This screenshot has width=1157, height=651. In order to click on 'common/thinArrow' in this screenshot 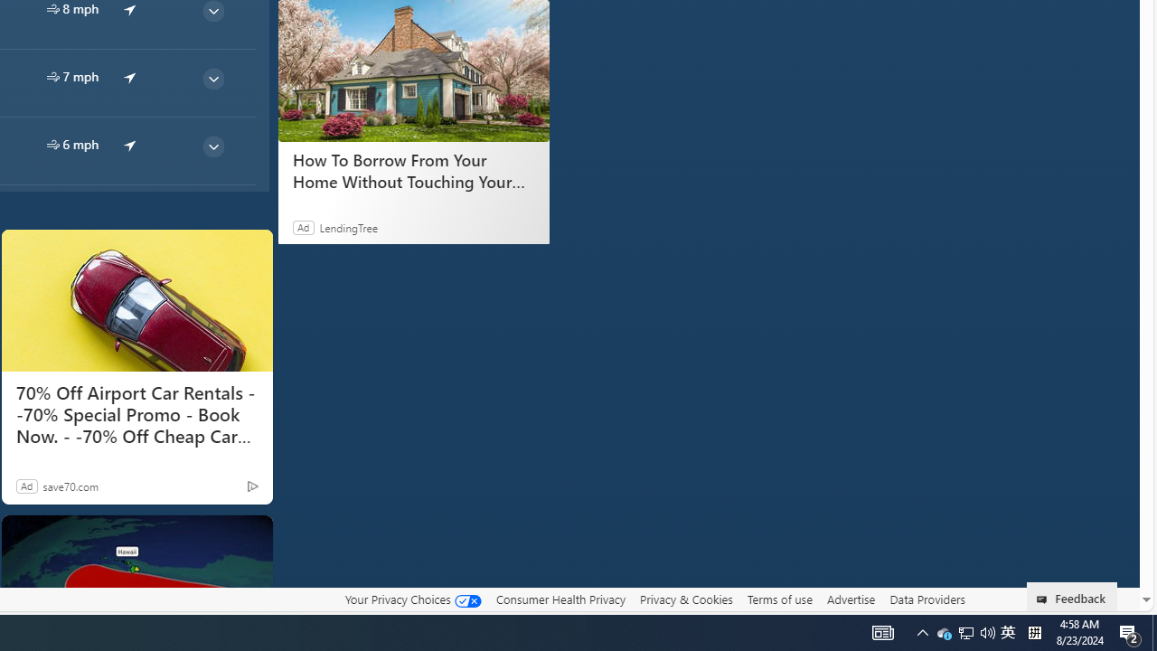, I will do `click(212, 146)`.